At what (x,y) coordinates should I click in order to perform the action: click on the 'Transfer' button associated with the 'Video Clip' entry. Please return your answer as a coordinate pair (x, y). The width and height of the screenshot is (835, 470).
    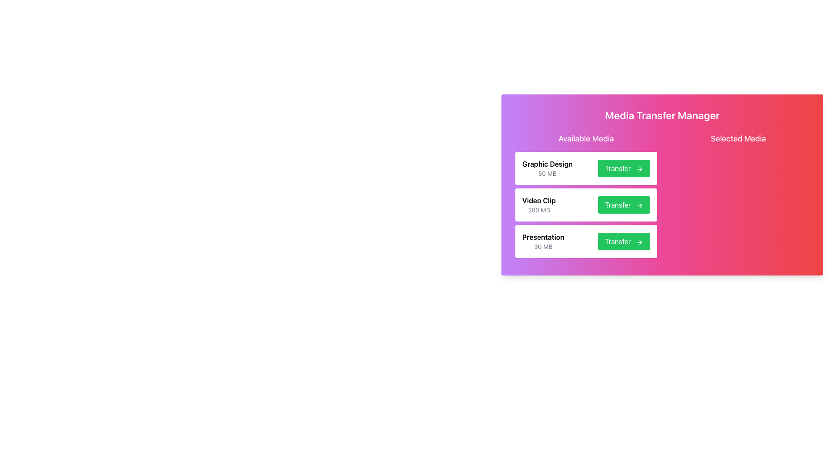
    Looking at the image, I should click on (586, 197).